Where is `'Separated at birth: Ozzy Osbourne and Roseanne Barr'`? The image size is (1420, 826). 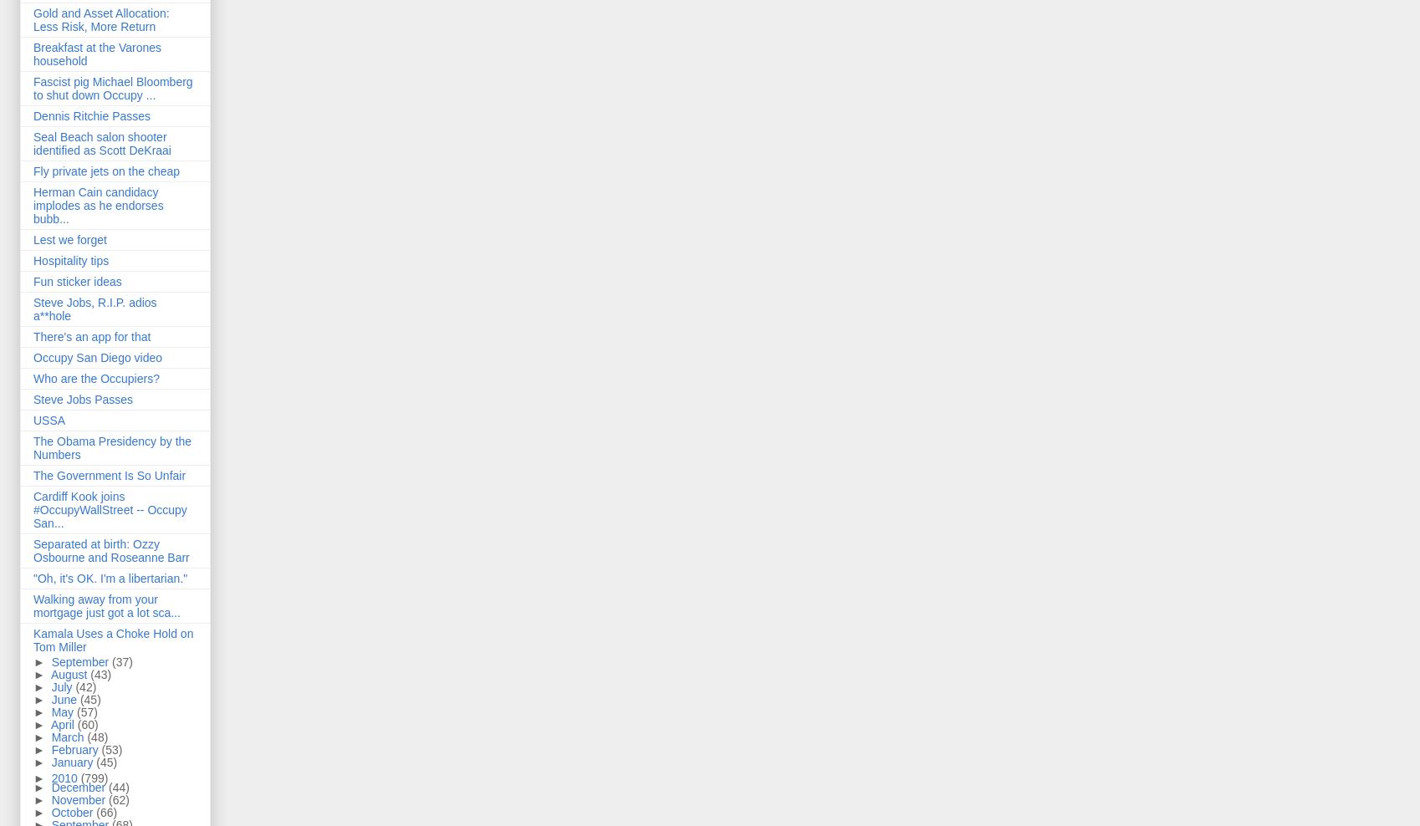 'Separated at birth: Ozzy Osbourne and Roseanne Barr' is located at coordinates (110, 549).